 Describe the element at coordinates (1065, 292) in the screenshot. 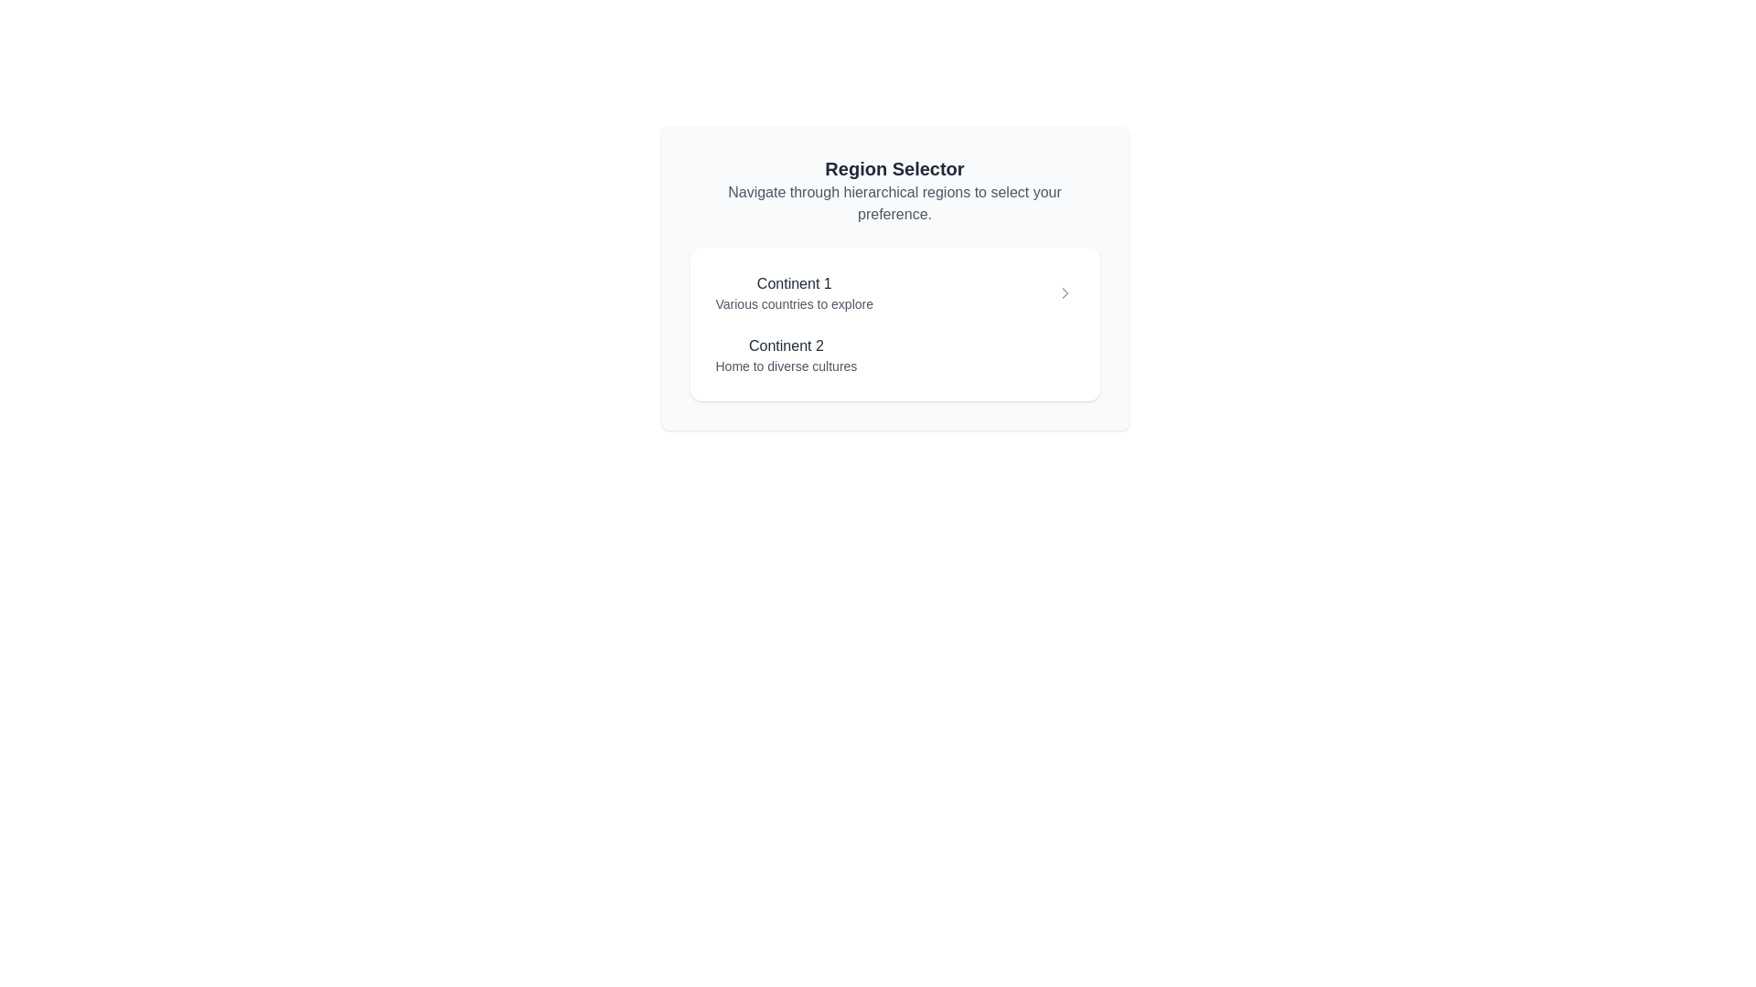

I see `the rightward-facing Chevron icon, which is styled with a thin, outlined gray design and located to the right of the text 'Continent 1 Various countries` at that location.